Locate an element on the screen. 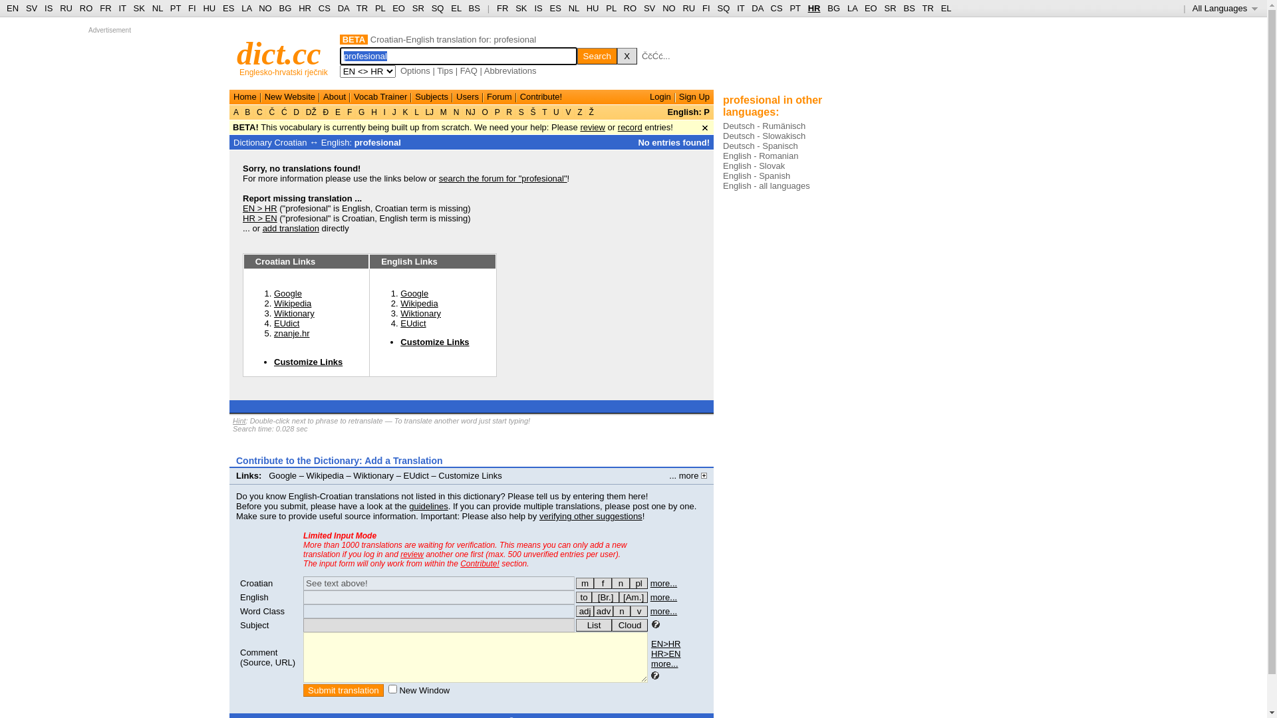 Image resolution: width=1277 pixels, height=718 pixels. 'Home' is located at coordinates (245, 96).